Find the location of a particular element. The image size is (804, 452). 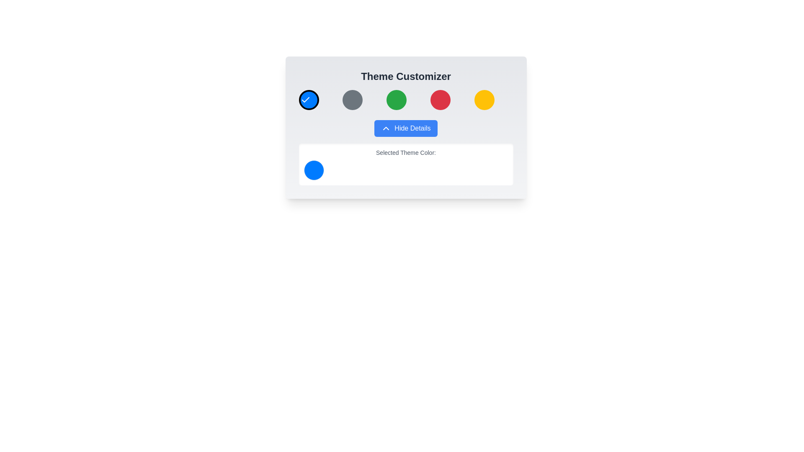

the fourth circular Selectable Color Option with a red background color located below the 'Theme Customizer' heading to enlarge it is located at coordinates (440, 100).